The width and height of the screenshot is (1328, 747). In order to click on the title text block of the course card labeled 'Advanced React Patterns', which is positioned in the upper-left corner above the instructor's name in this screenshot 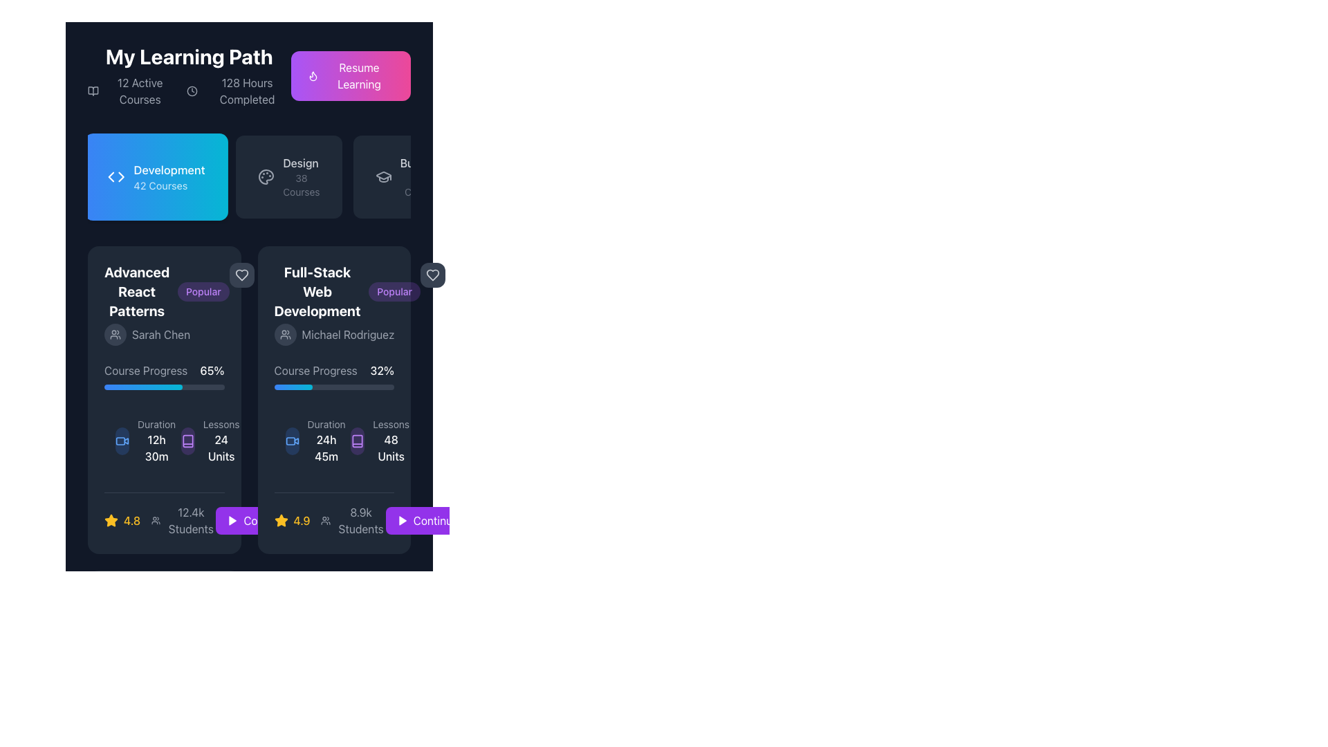, I will do `click(137, 290)`.